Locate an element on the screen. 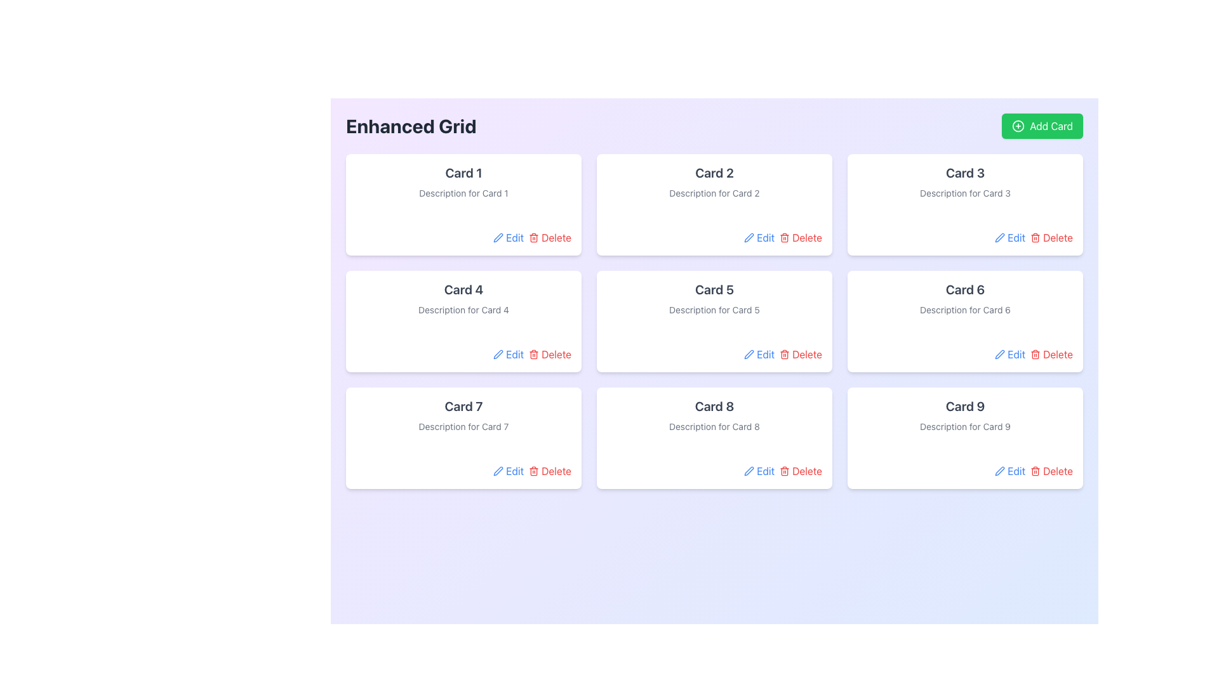 The image size is (1219, 685). the text block labeled 'Card 3' which contains the description 'Description for Card 3' in a 3x3 grid layout, specifically the first card in the second row is located at coordinates (965, 181).